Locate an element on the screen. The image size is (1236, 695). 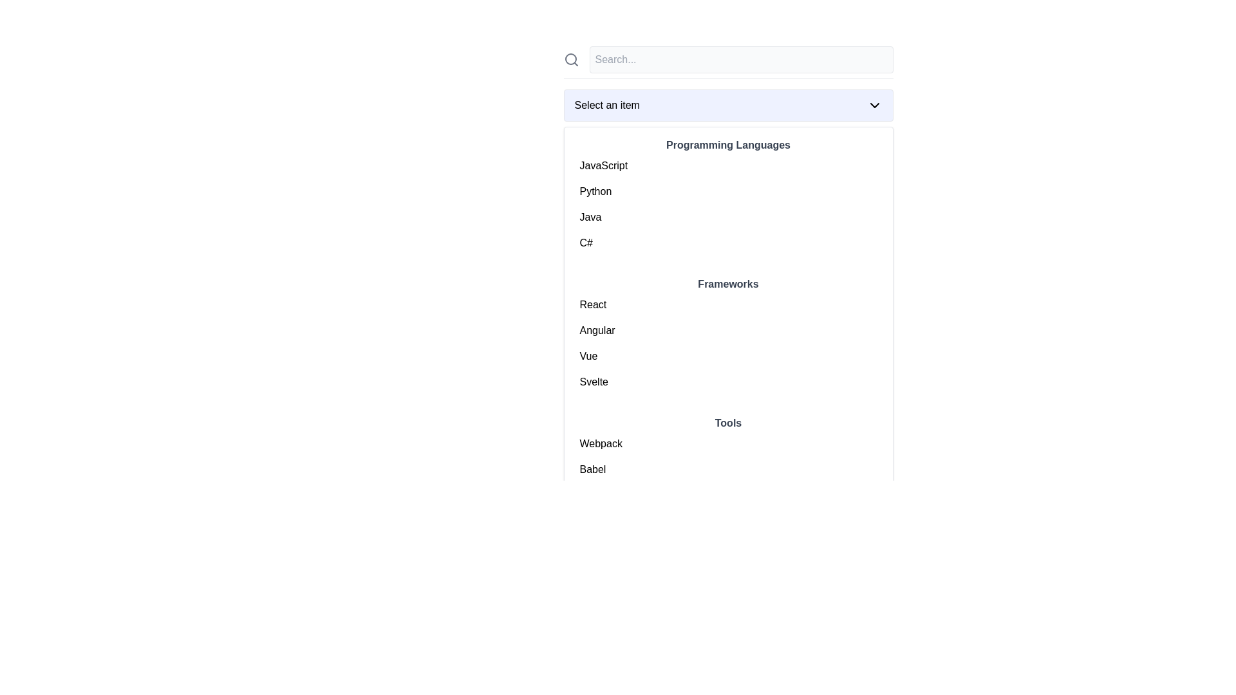
the chevron-down icon, which is a thin black inverted 'V' shape located at the far right of the 'Select an item' button is located at coordinates (874, 105).